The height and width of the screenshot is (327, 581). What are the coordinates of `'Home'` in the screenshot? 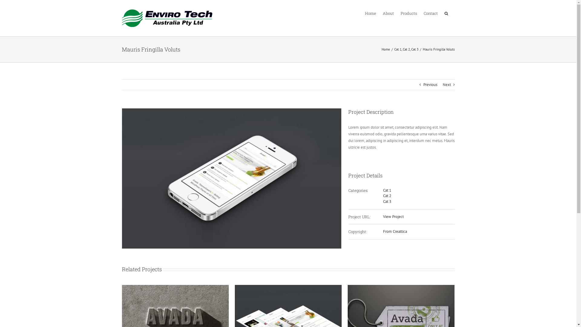 It's located at (385, 49).